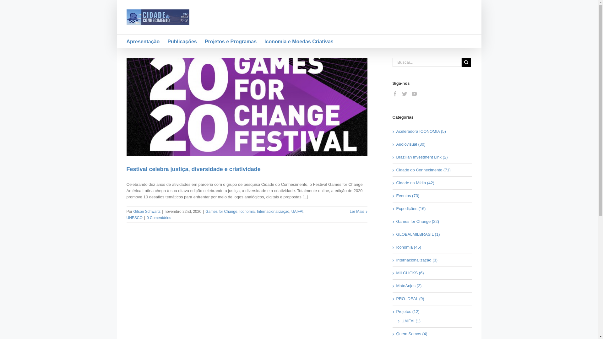 This screenshot has width=603, height=339. I want to click on 'Games for Change', so click(221, 212).